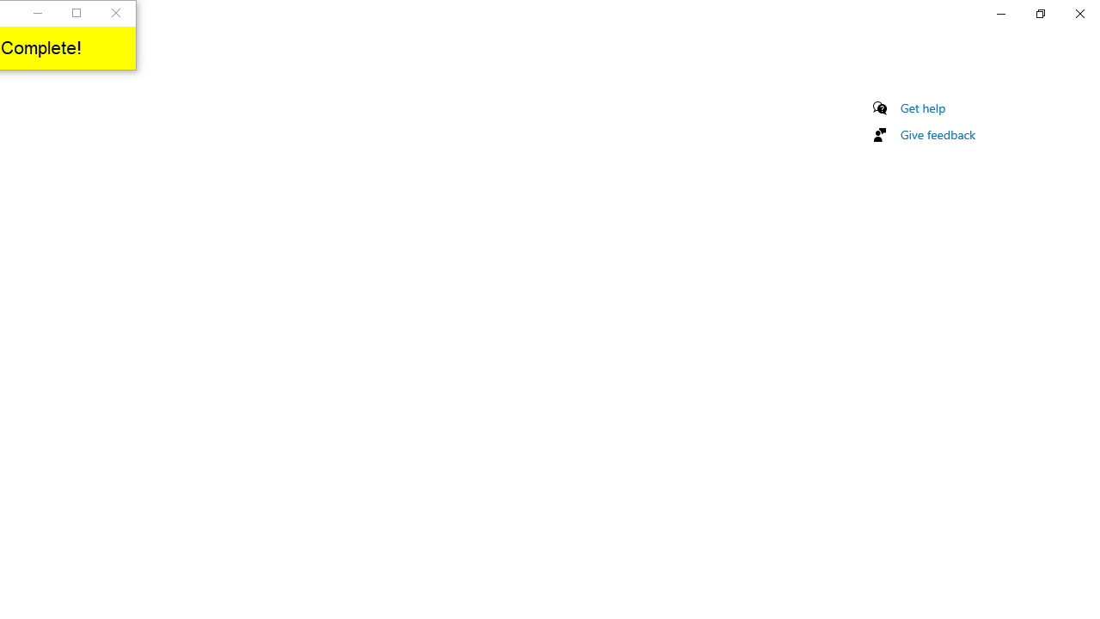 Image resolution: width=1100 pixels, height=619 pixels. I want to click on 'Minimize Settings', so click(1000, 13).